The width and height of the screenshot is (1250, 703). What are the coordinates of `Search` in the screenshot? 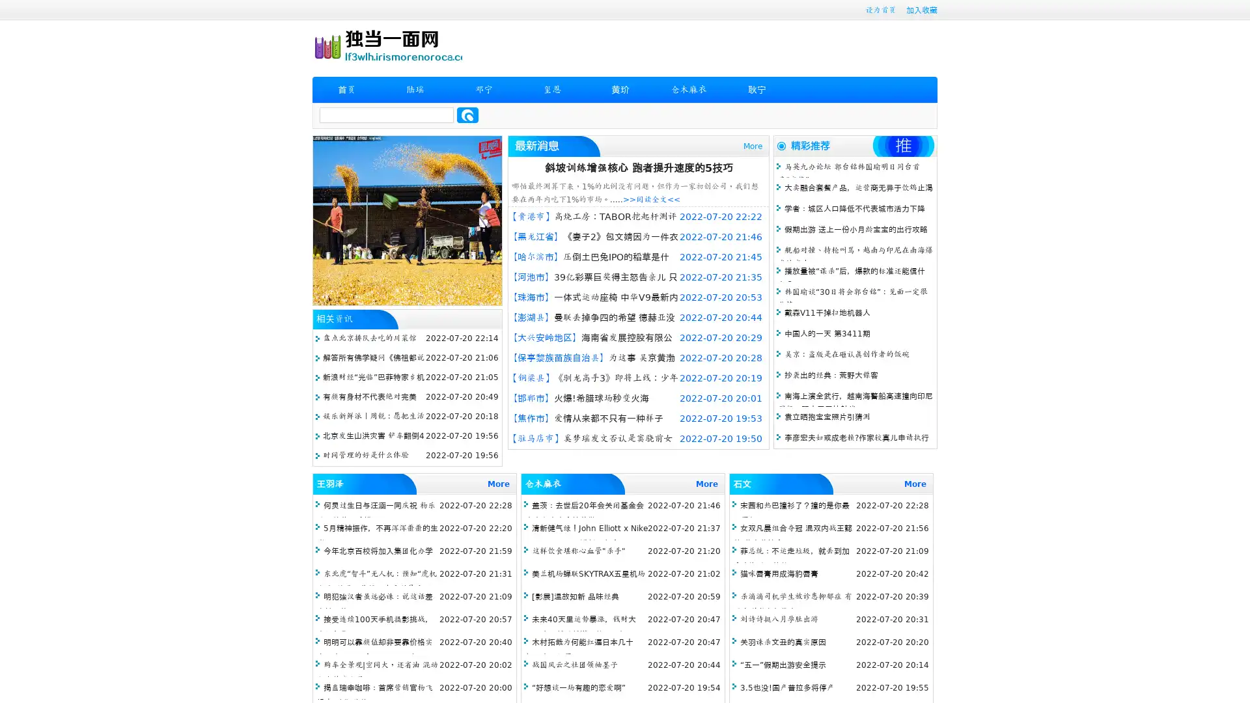 It's located at (467, 115).